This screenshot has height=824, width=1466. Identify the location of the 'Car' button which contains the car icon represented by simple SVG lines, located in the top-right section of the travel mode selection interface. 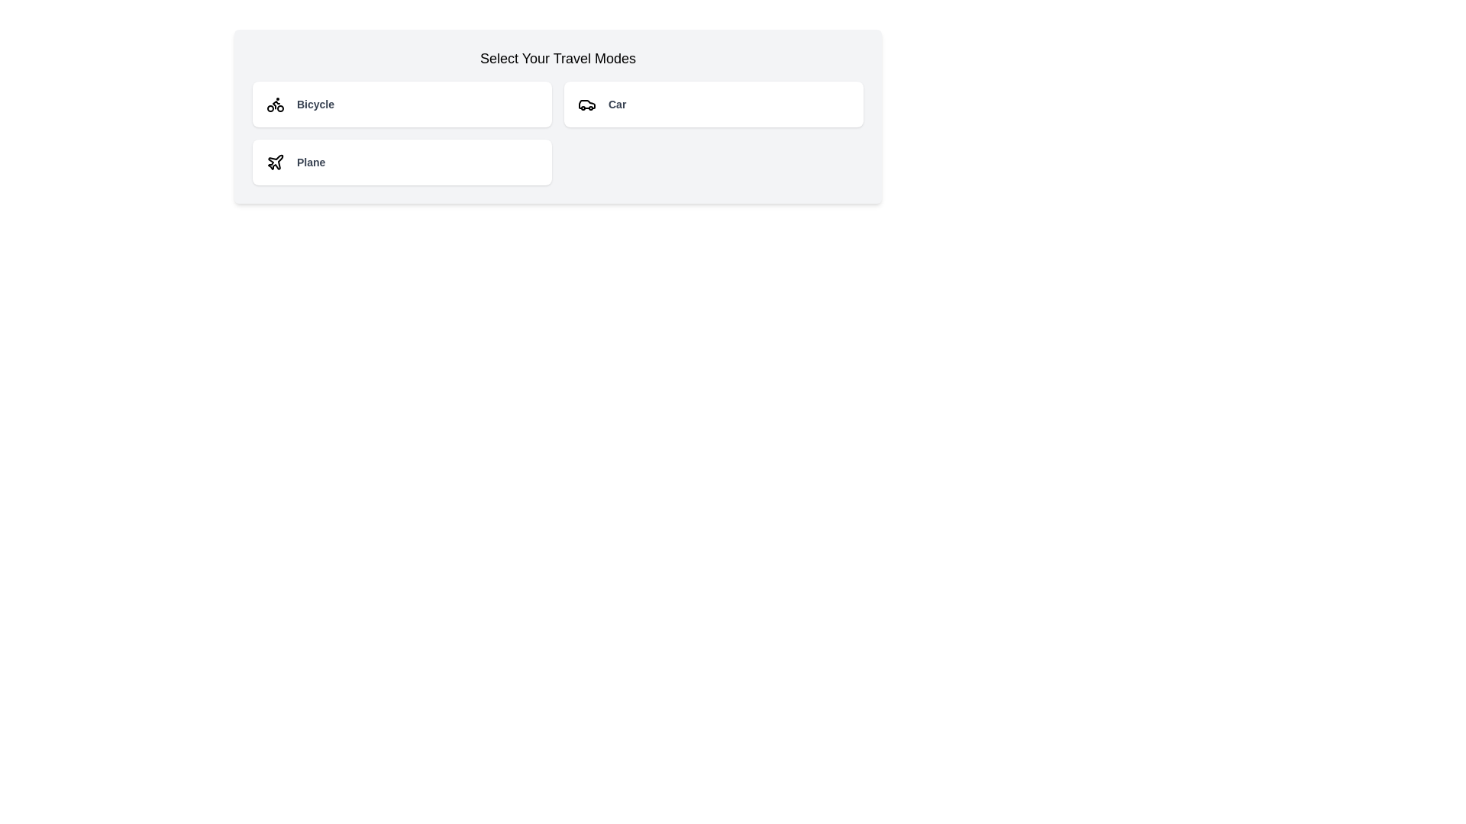
(586, 104).